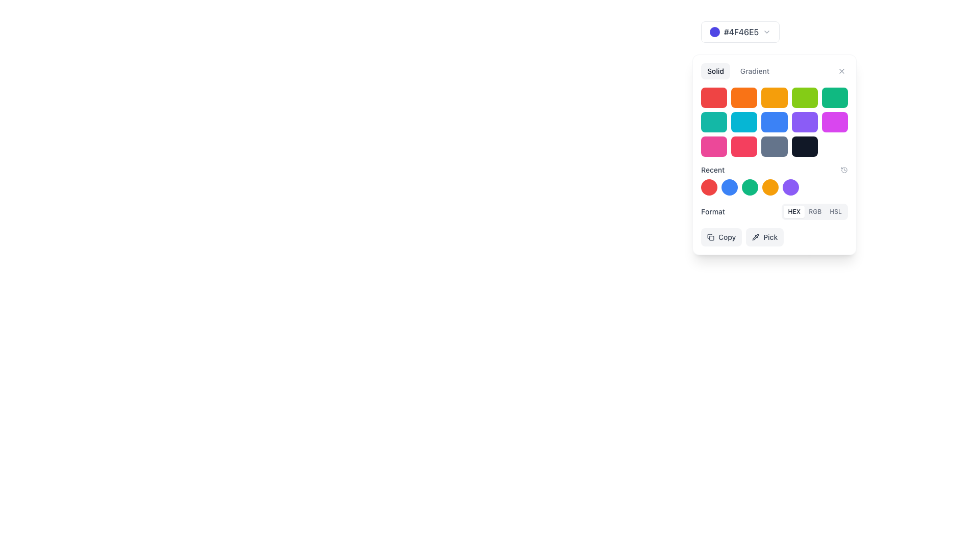 Image resolution: width=979 pixels, height=550 pixels. I want to click on the orange button with rounded corners located in the 3rd position of the top row of a 5-column grid layout, so click(774, 98).